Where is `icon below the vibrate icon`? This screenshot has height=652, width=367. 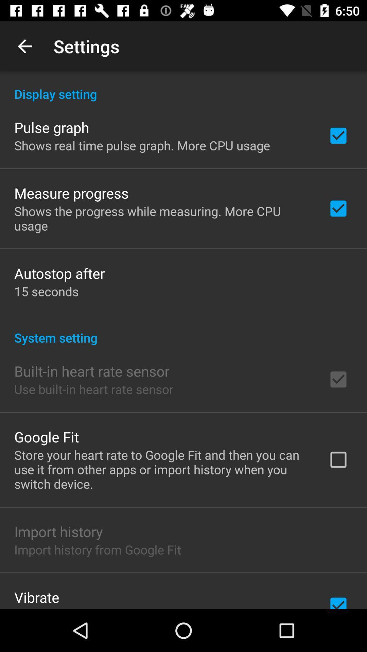
icon below the vibrate icon is located at coordinates (107, 608).